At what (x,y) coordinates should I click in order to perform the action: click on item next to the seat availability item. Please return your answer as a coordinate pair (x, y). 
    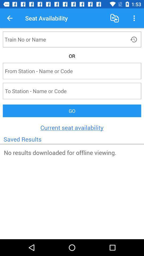
    Looking at the image, I should click on (114, 18).